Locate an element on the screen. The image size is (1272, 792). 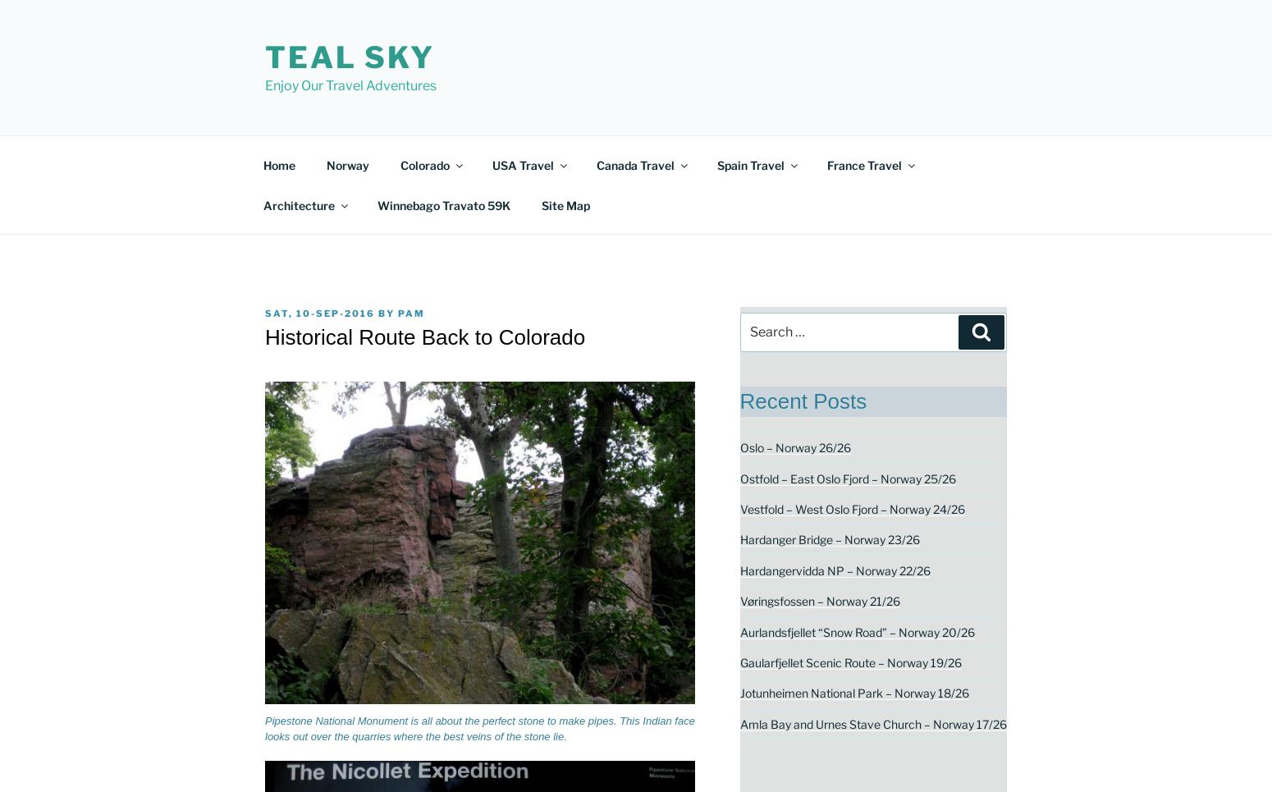
'Jotunheimen National Park – Norway 18/26' is located at coordinates (853, 692).